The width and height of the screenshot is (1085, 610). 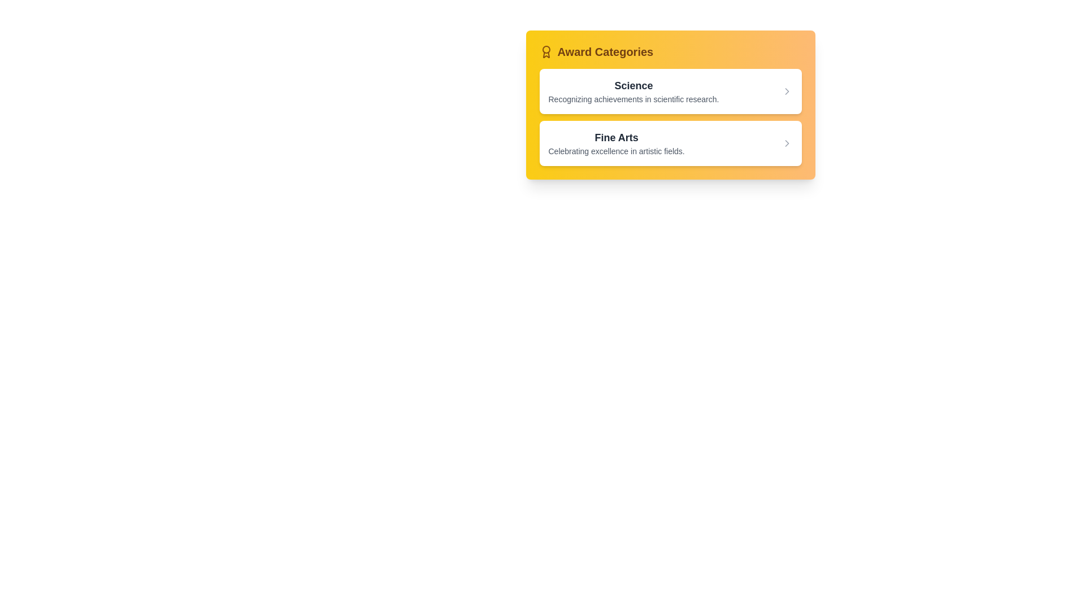 What do you see at coordinates (786, 143) in the screenshot?
I see `the right-facing chevron icon located at the far right of the 'Fine Arts' row in the 'Award Categories' section` at bounding box center [786, 143].